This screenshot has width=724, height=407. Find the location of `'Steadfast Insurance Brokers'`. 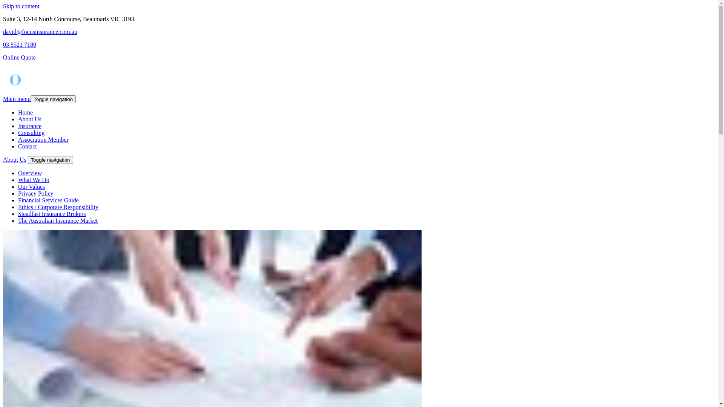

'Steadfast Insurance Brokers' is located at coordinates (52, 214).